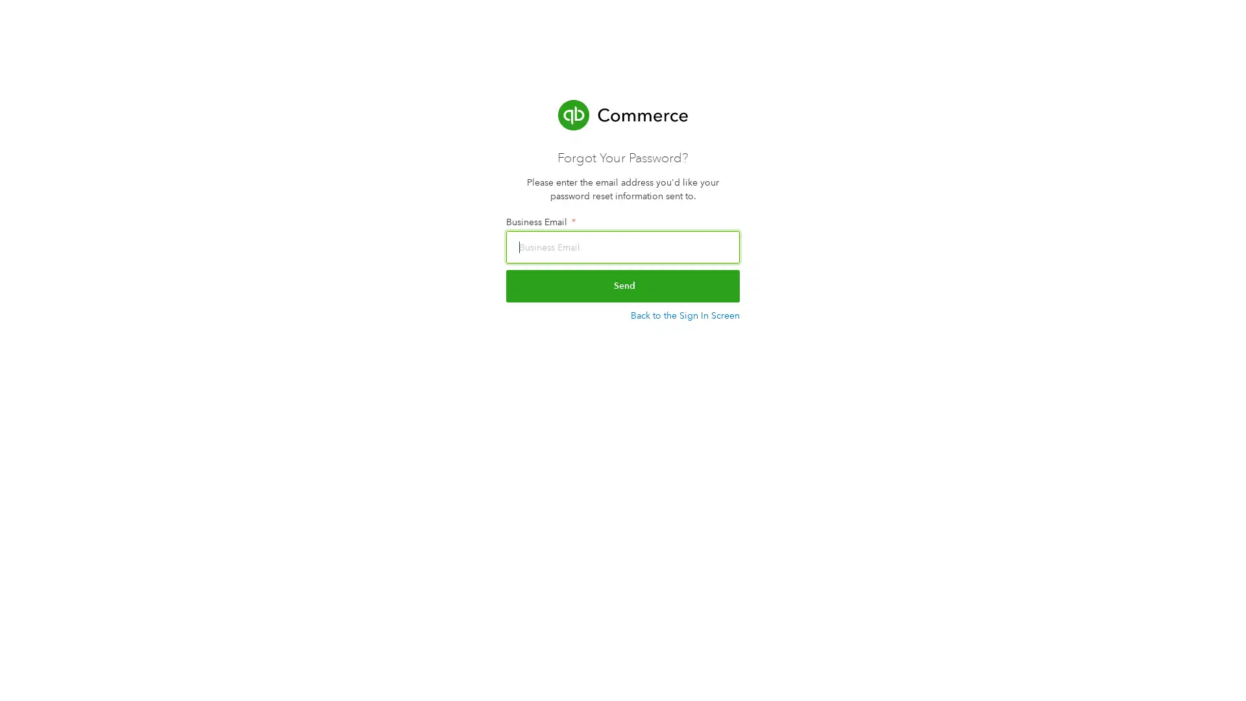 The width and height of the screenshot is (1246, 701). I want to click on Send, so click(623, 284).